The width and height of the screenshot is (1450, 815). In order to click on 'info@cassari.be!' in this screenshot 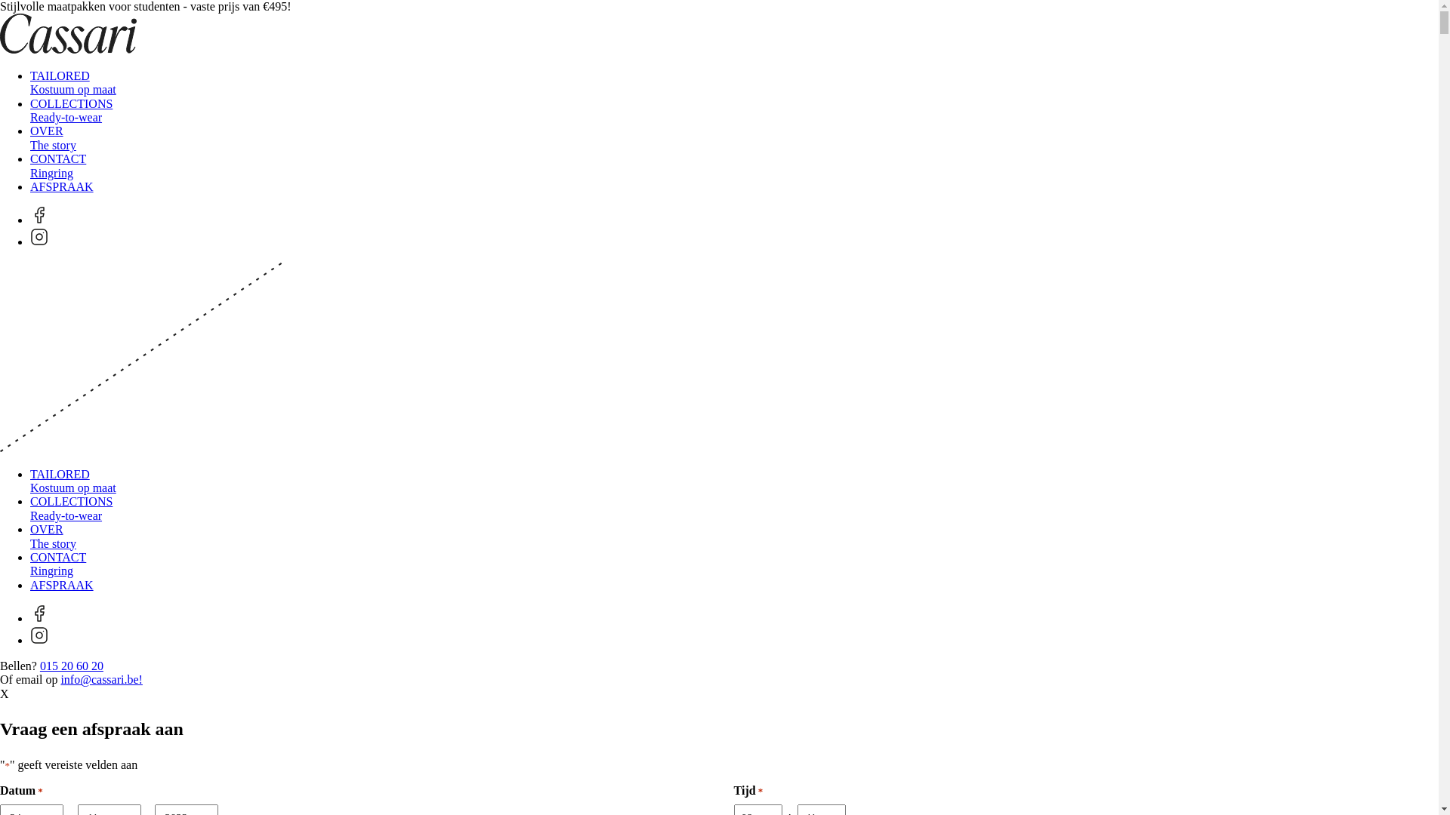, I will do `click(100, 679)`.